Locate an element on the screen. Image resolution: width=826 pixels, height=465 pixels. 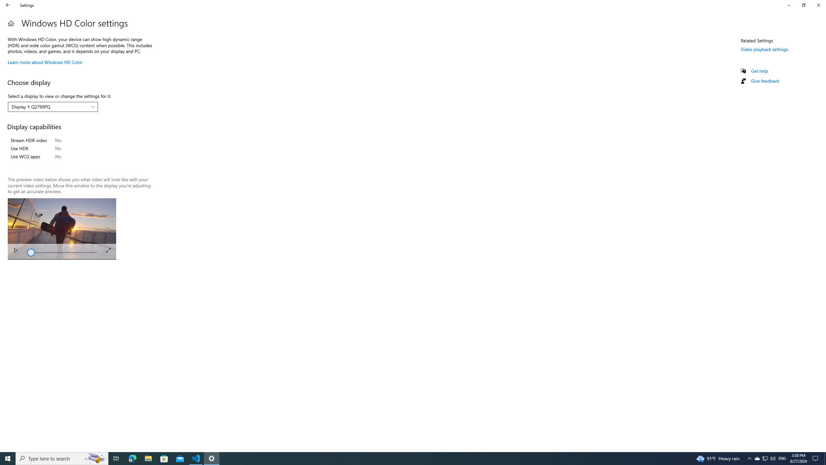
'Play' is located at coordinates (15, 251).